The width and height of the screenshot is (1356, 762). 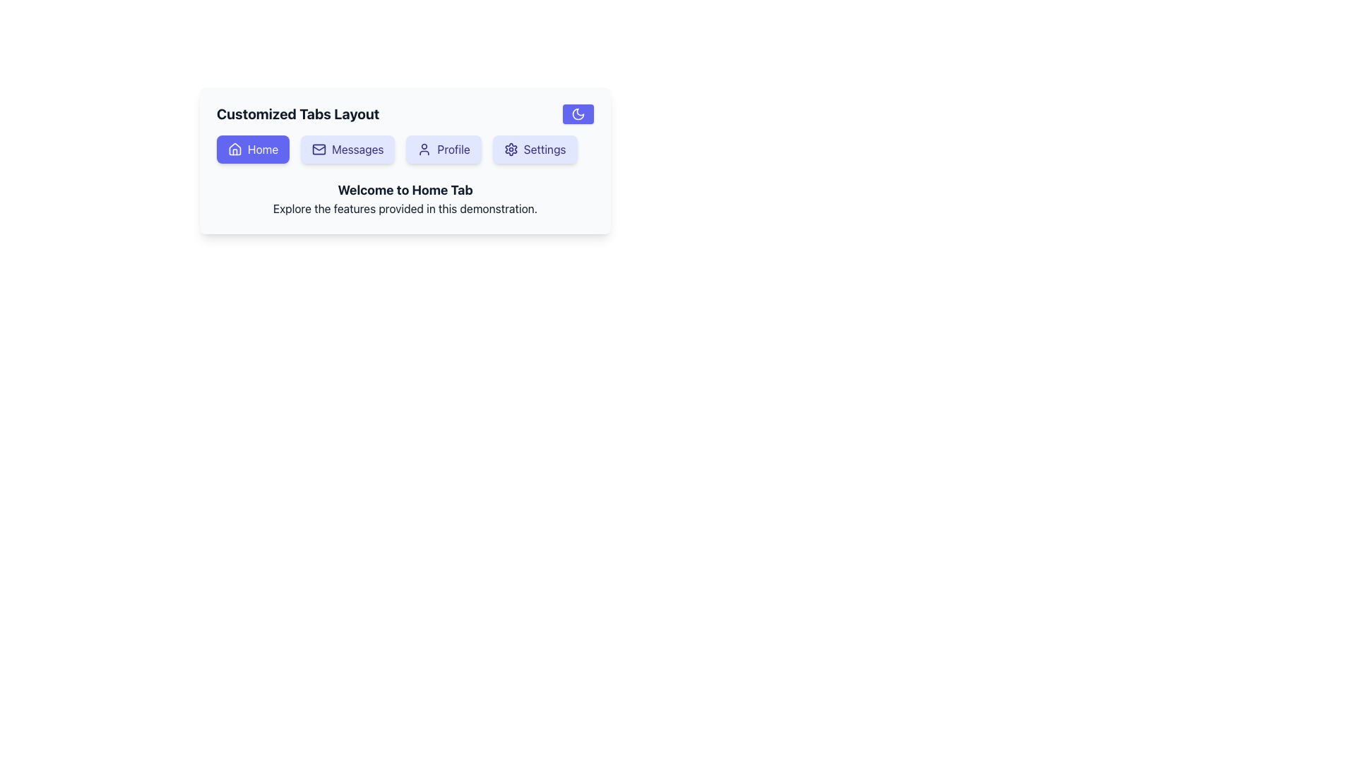 What do you see at coordinates (578, 114) in the screenshot?
I see `the moon-shaped icon, which is a minimalist crescent design located on the far-right side of the top row of icons` at bounding box center [578, 114].